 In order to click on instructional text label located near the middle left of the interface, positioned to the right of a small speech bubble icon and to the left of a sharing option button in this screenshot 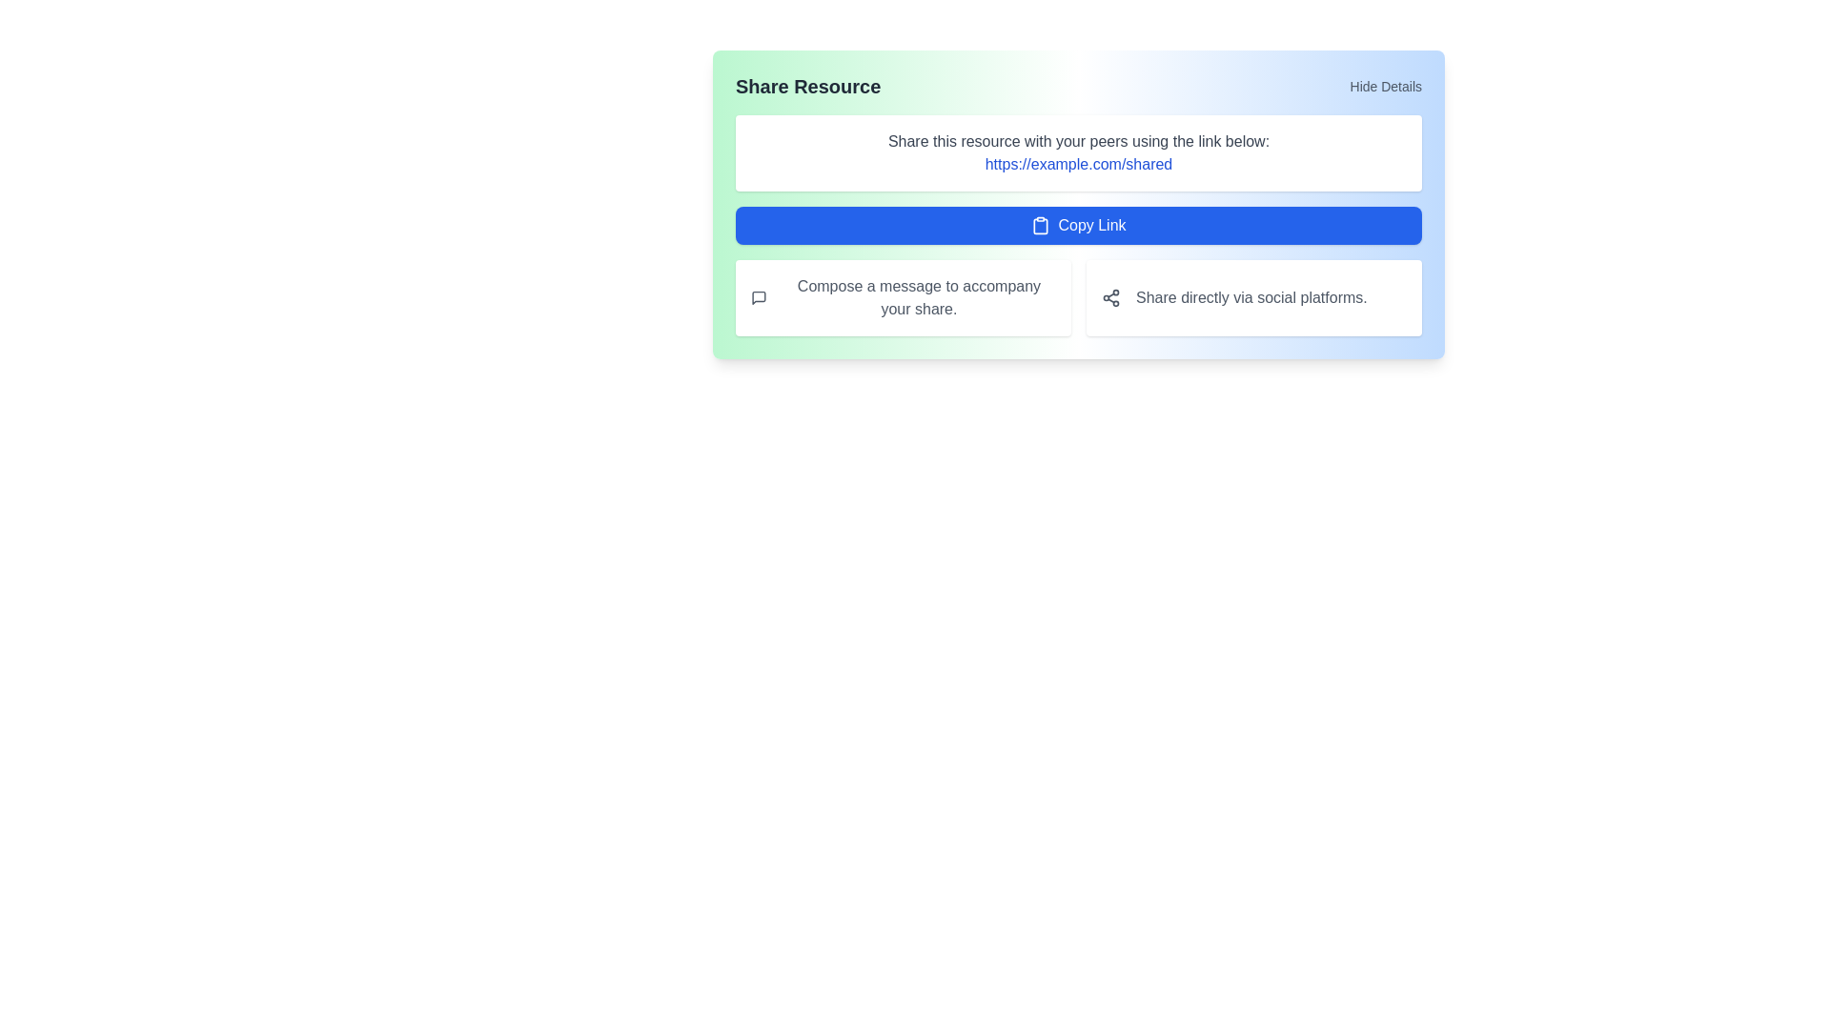, I will do `click(919, 297)`.